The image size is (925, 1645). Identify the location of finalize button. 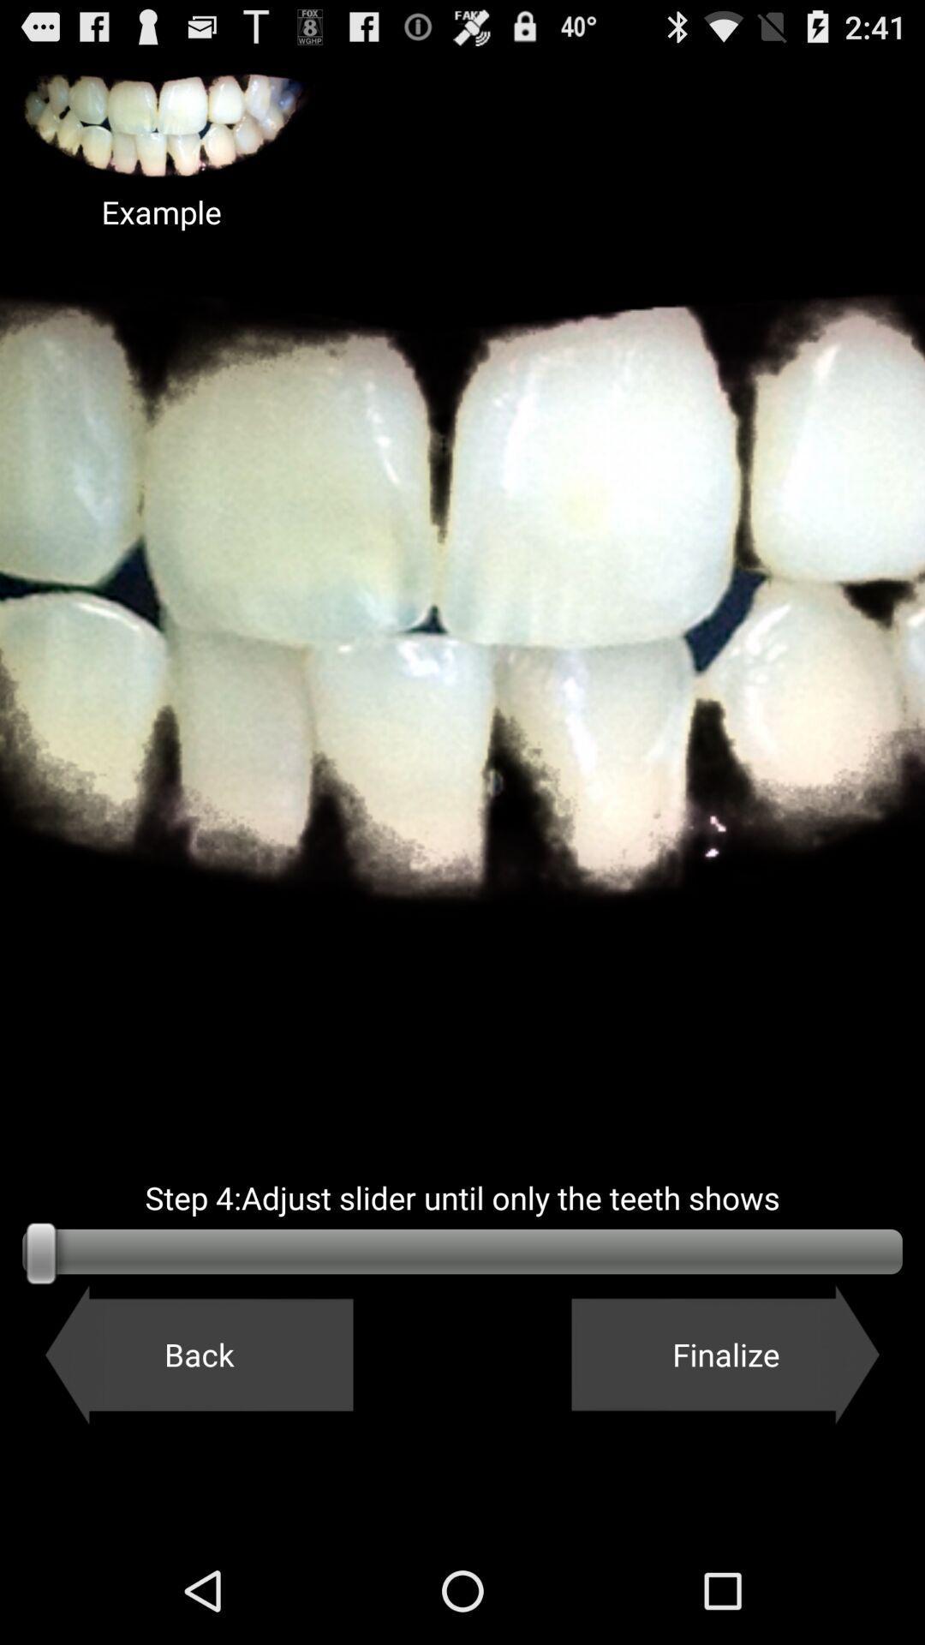
(725, 1354).